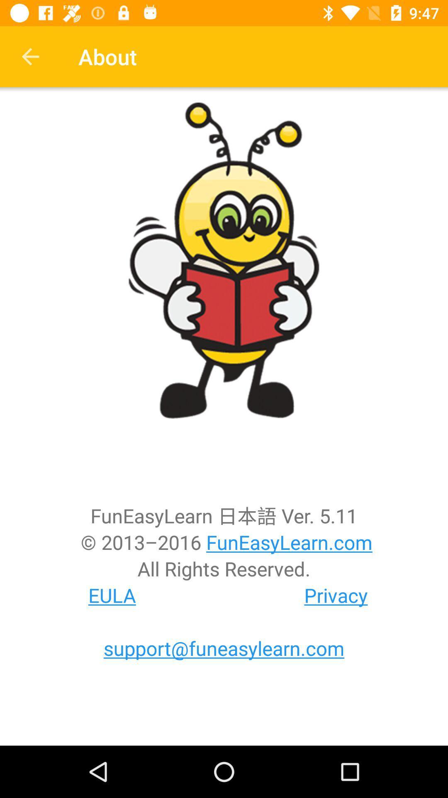 This screenshot has width=448, height=798. What do you see at coordinates (336, 595) in the screenshot?
I see `the icon to the right of eula` at bounding box center [336, 595].